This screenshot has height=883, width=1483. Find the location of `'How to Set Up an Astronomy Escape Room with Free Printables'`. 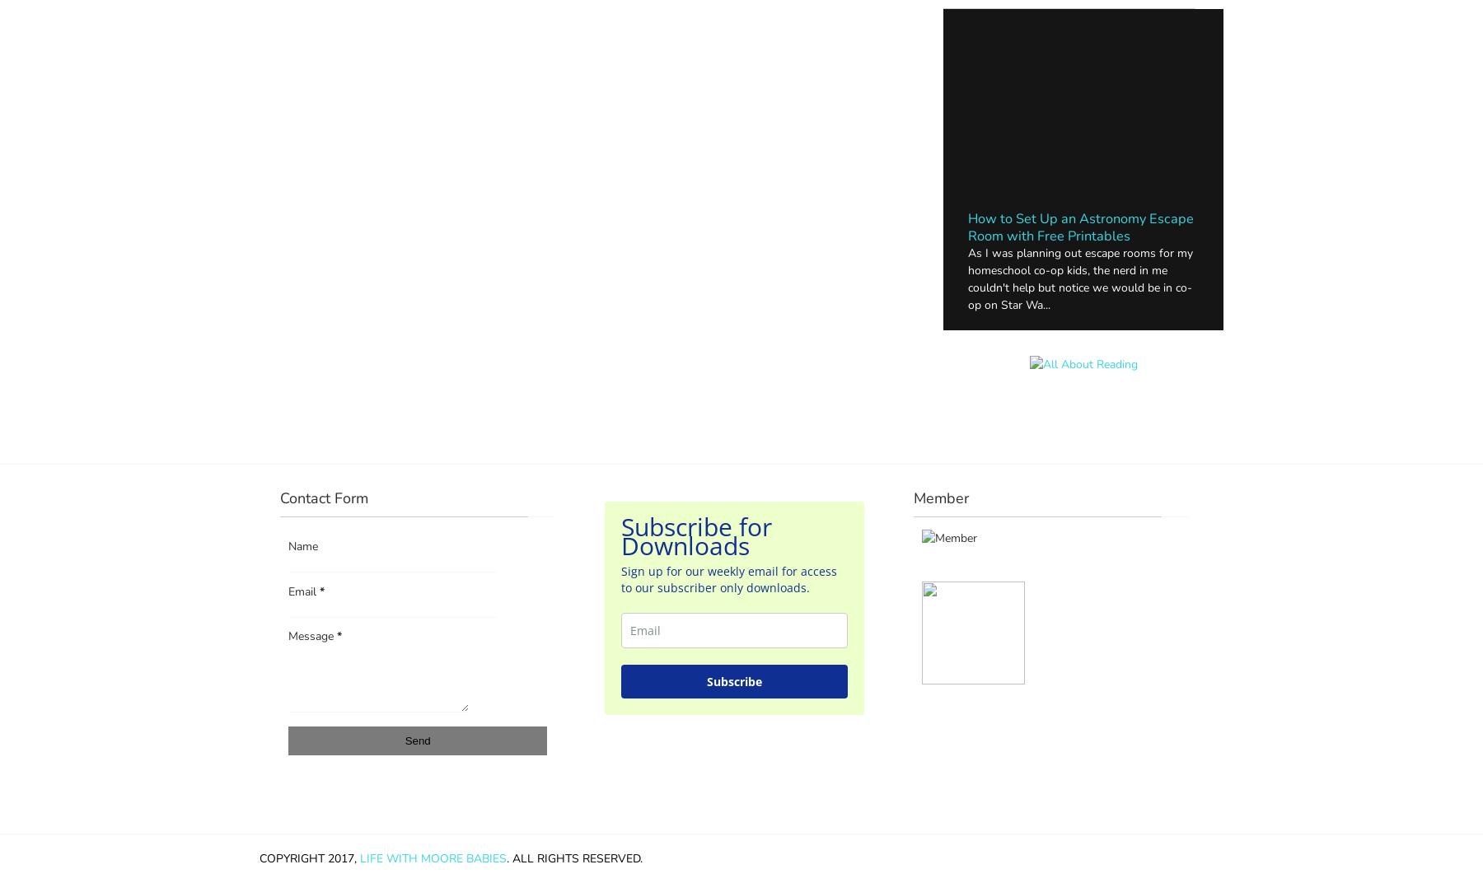

'How to Set Up an Astronomy Escape Room with Free Printables' is located at coordinates (1081, 227).